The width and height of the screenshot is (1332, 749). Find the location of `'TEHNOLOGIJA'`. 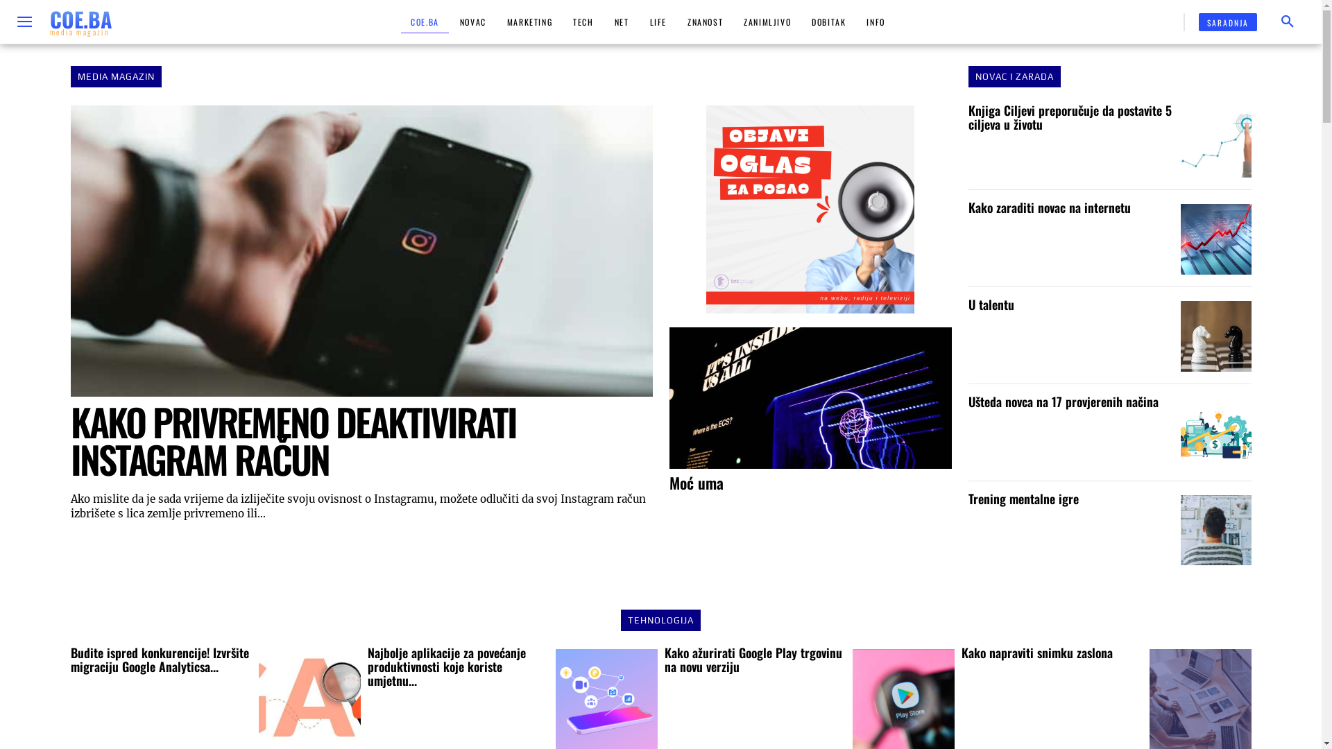

'TEHNOLOGIJA' is located at coordinates (660, 619).